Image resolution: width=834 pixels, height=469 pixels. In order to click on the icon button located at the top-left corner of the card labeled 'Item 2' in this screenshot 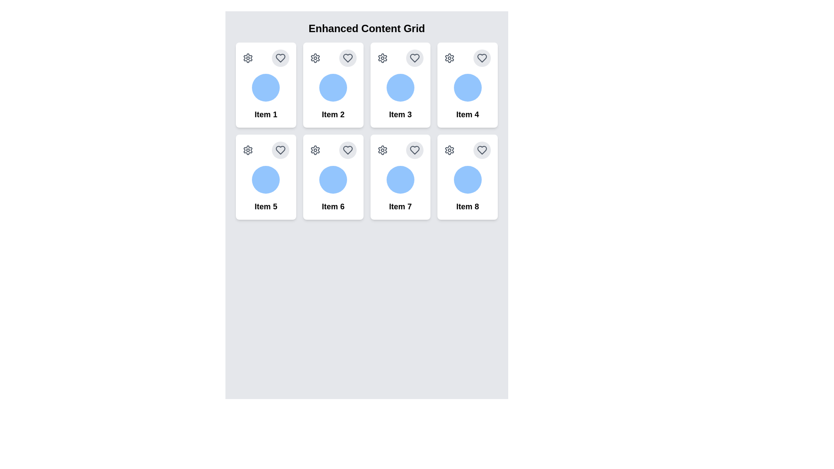, I will do `click(314, 58)`.